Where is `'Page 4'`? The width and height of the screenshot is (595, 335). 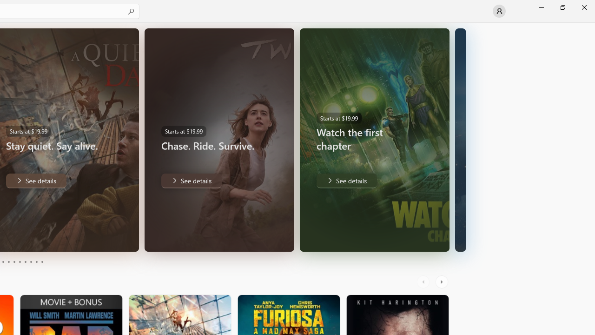 'Page 4' is located at coordinates (8, 262).